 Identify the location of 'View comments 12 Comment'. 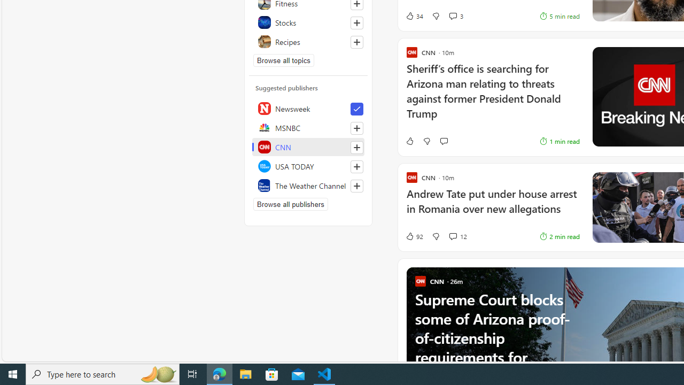
(446, 236).